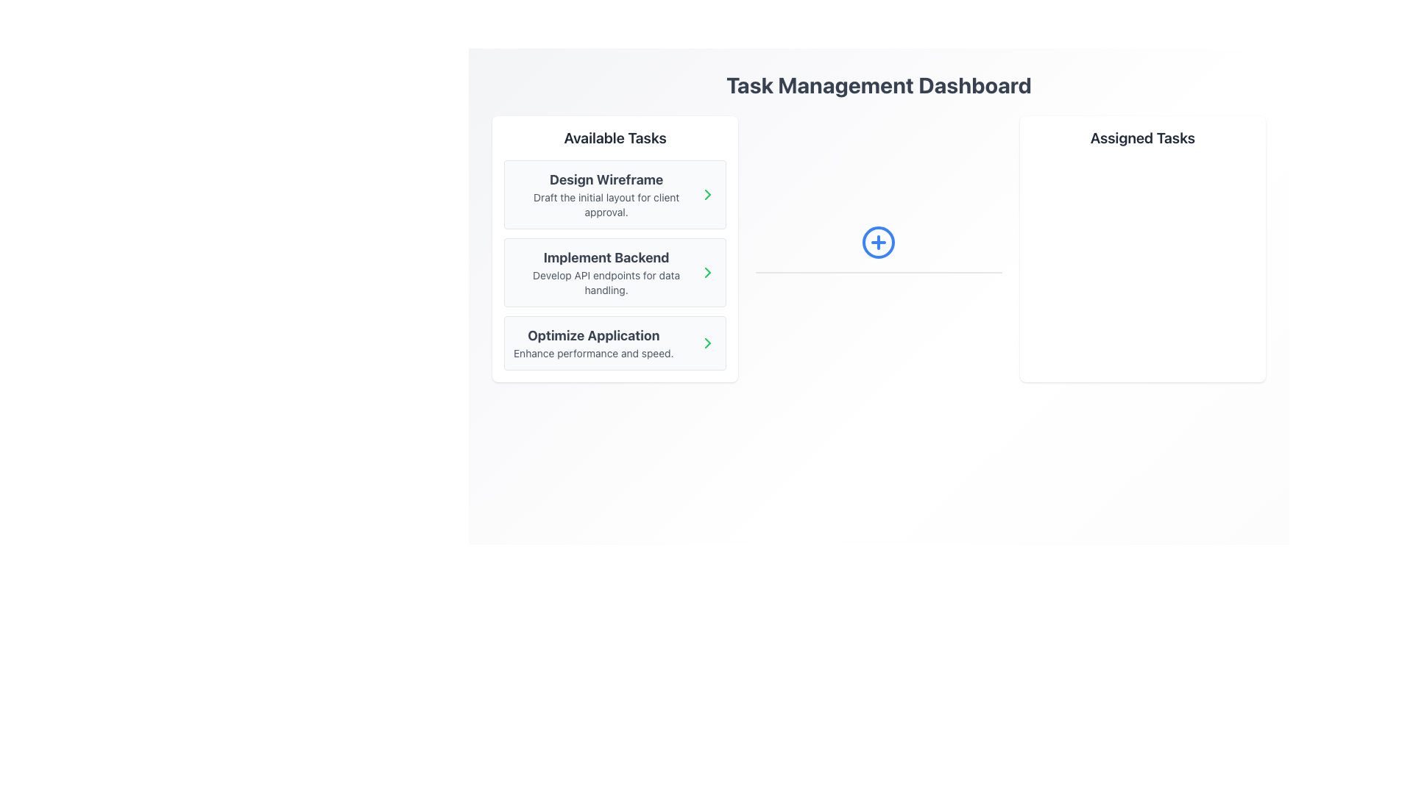  I want to click on the title text displaying 'Task Management Dashboard', which is styled with a bold, large font and centered alignment, located at the top of the interface layout, so click(879, 85).